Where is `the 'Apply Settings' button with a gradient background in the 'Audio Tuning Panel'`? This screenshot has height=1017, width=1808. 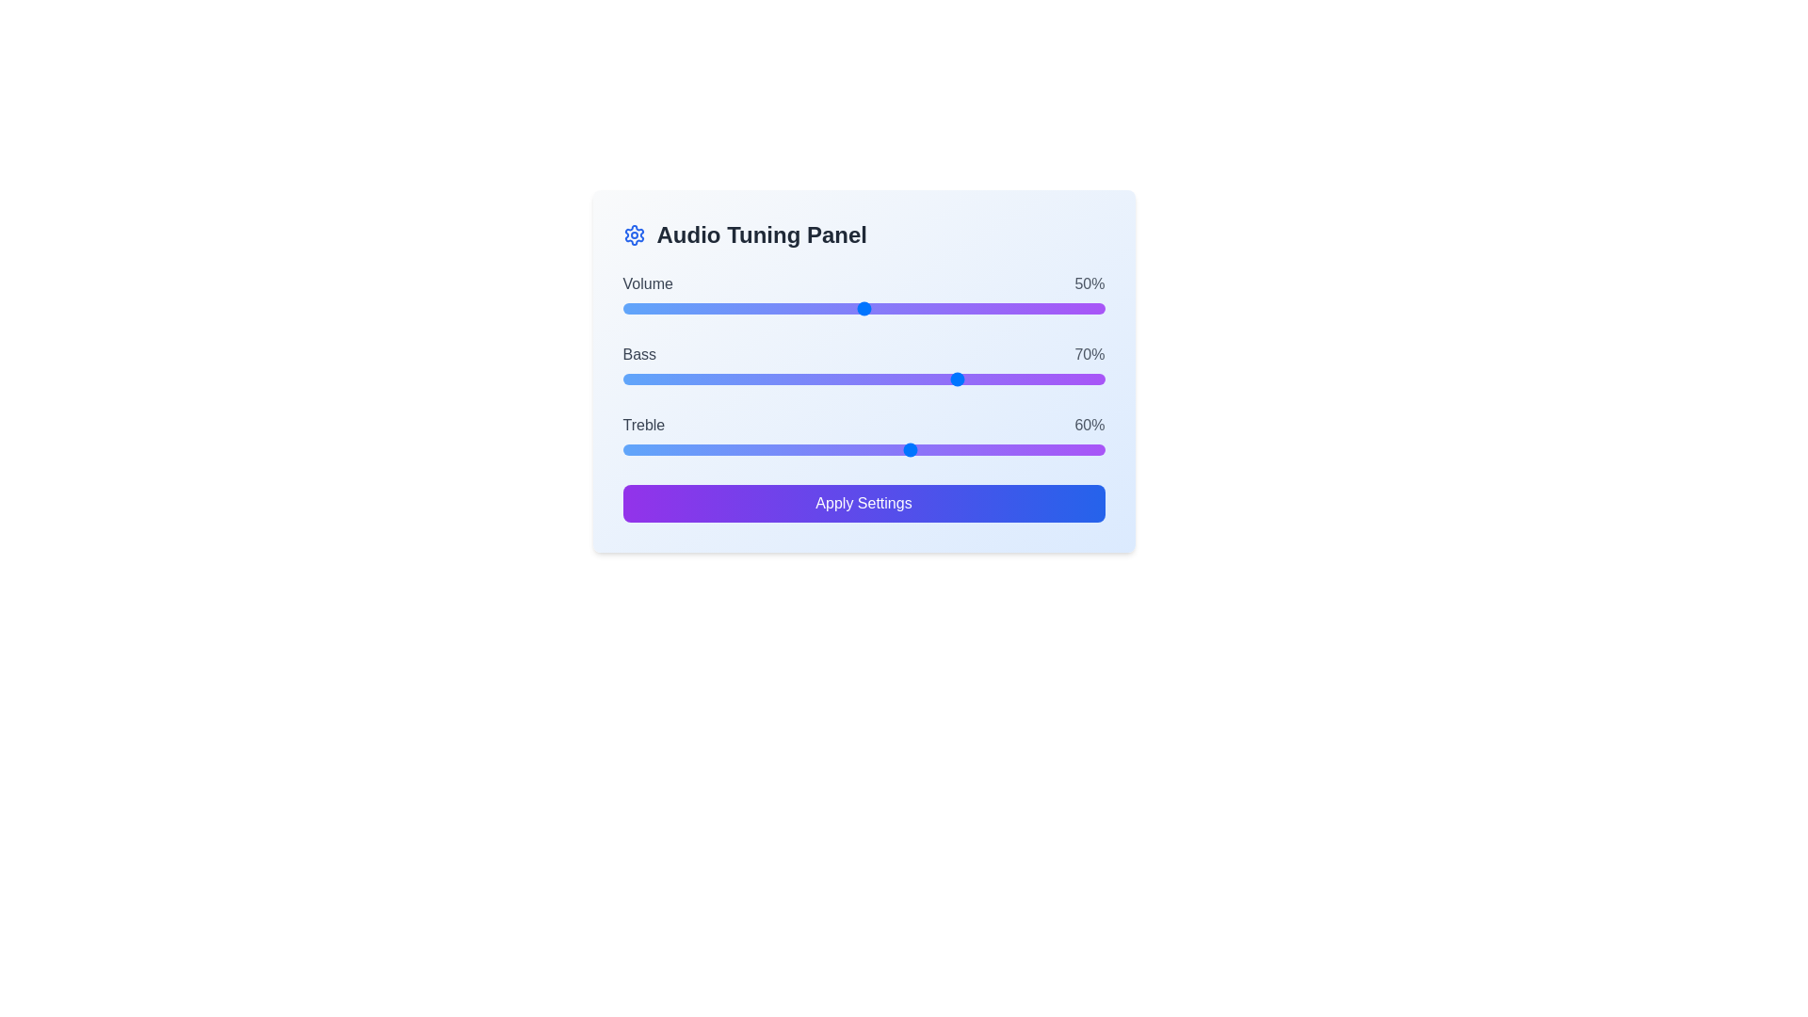 the 'Apply Settings' button with a gradient background in the 'Audio Tuning Panel' is located at coordinates (863, 503).